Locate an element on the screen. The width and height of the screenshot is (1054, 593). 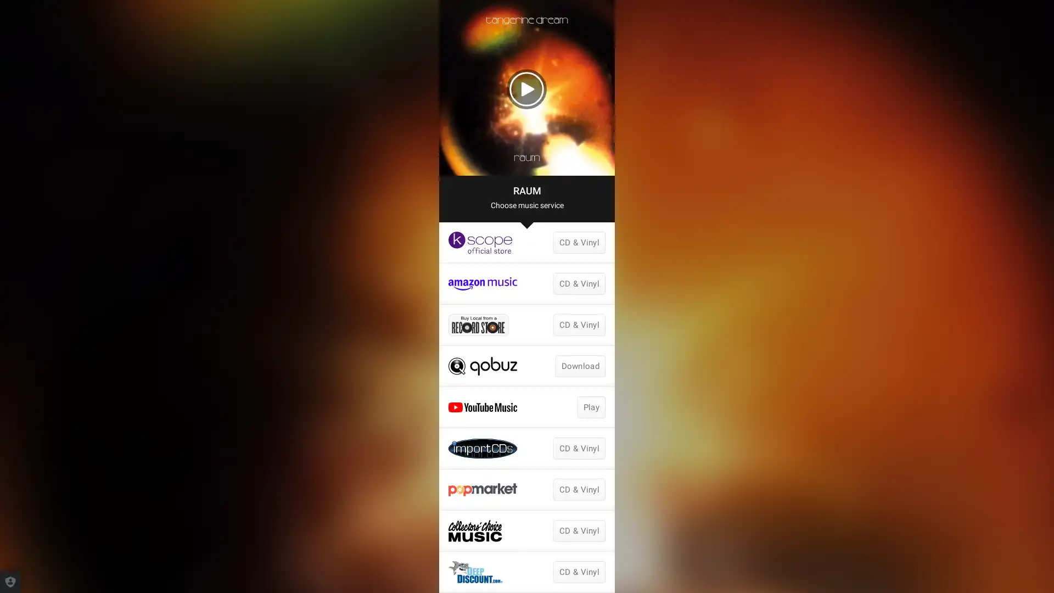
CD & Vinyl is located at coordinates (579, 449).